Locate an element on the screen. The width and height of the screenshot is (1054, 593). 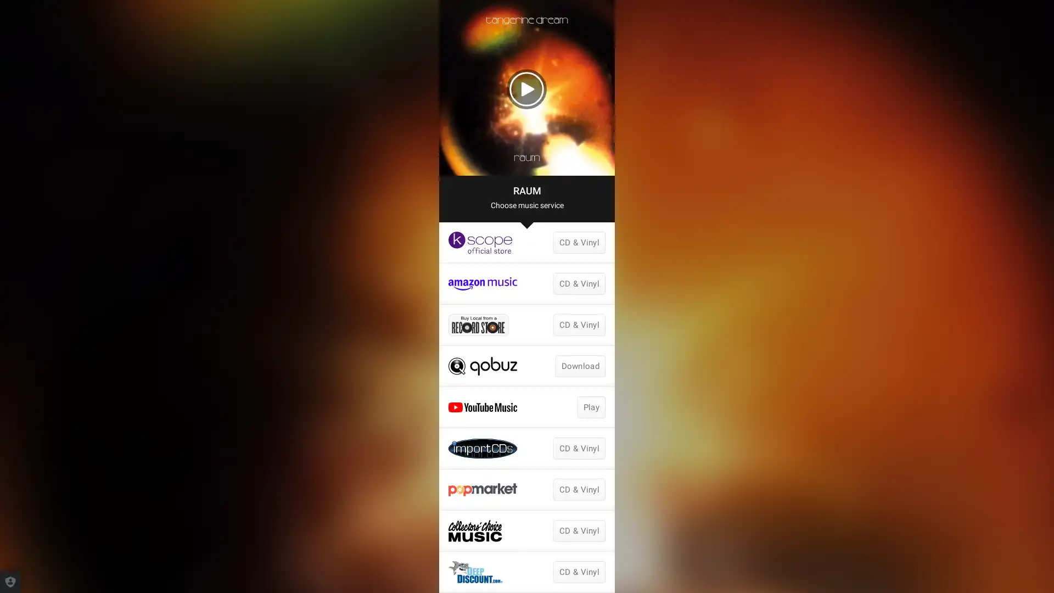
CD & Vinyl is located at coordinates (579, 449).